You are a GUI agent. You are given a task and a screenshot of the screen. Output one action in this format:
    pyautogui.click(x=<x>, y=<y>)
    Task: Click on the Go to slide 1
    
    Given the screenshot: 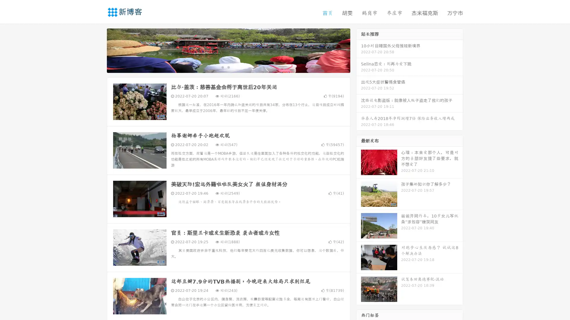 What is the action you would take?
    pyautogui.click(x=222, y=67)
    